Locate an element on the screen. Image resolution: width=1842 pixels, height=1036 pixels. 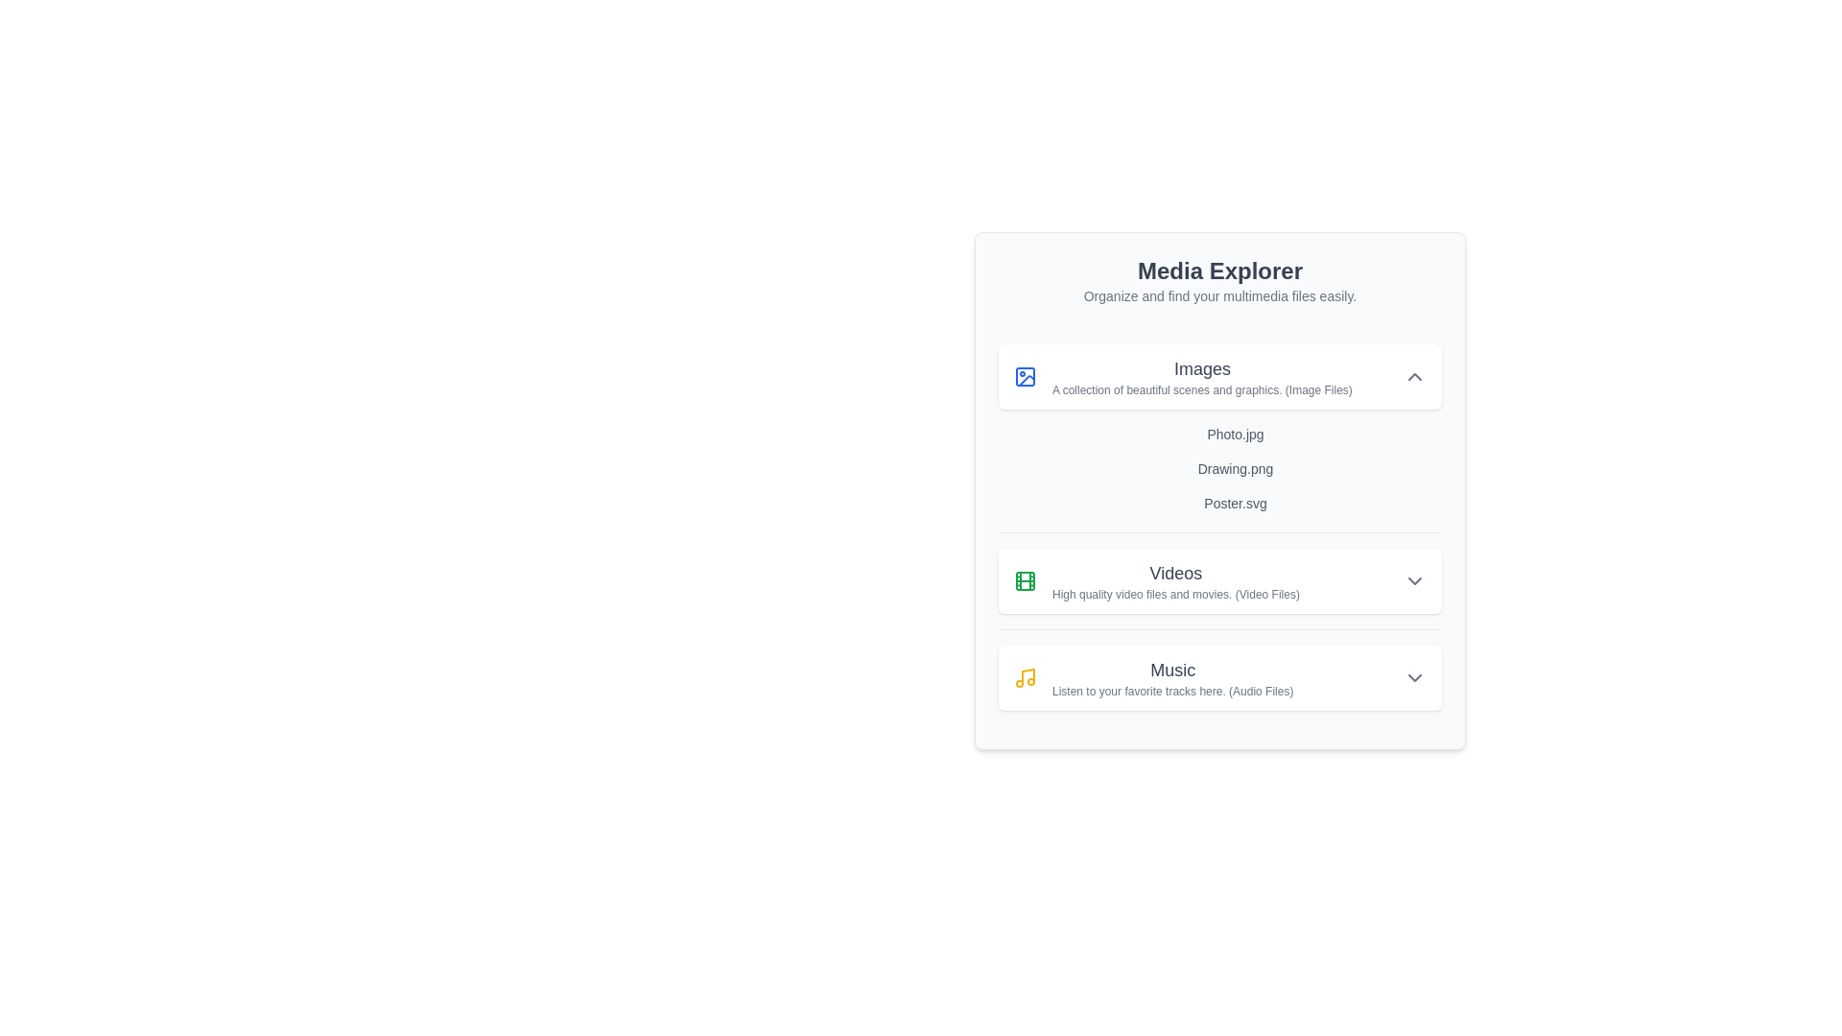
the 'Images' category element in the media exploration interface is located at coordinates (1182, 377).